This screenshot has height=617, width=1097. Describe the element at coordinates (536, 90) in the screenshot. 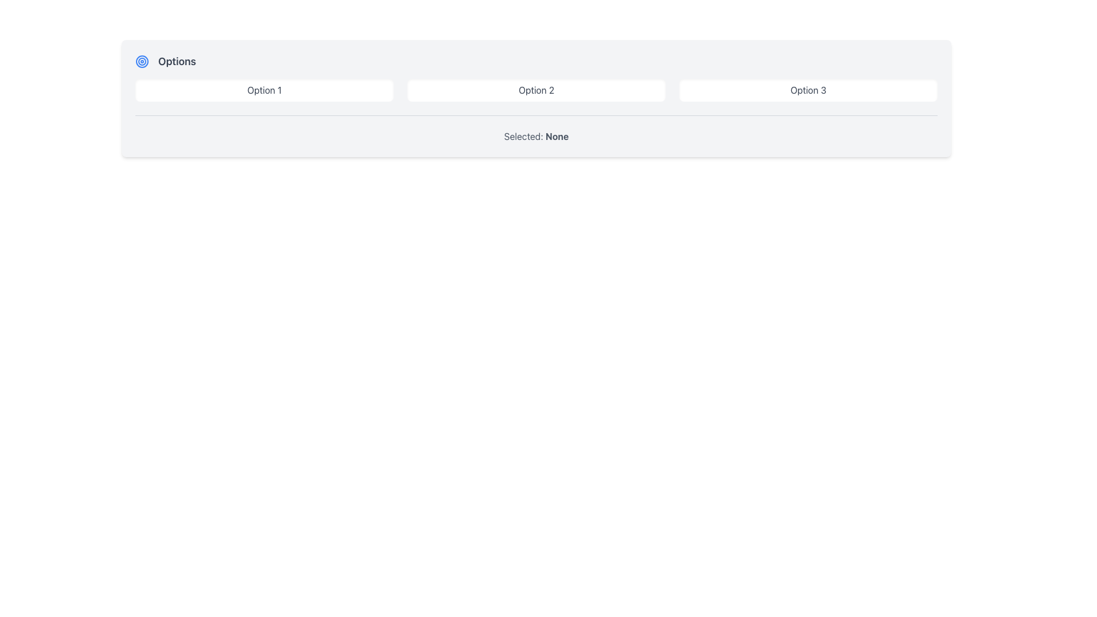

I see `the 'Option 2' button` at that location.